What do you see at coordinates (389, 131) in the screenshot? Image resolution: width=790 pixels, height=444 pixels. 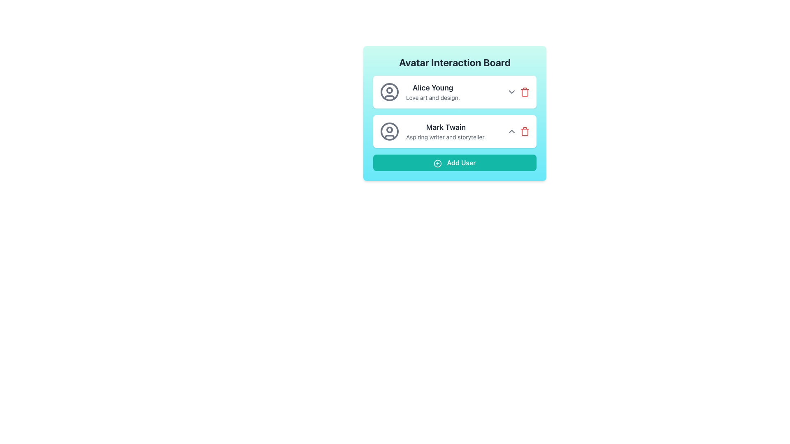 I see `the graphical icon representing the user 'Mark Twain', which is located on the left side of the user name and description within a user details card` at bounding box center [389, 131].